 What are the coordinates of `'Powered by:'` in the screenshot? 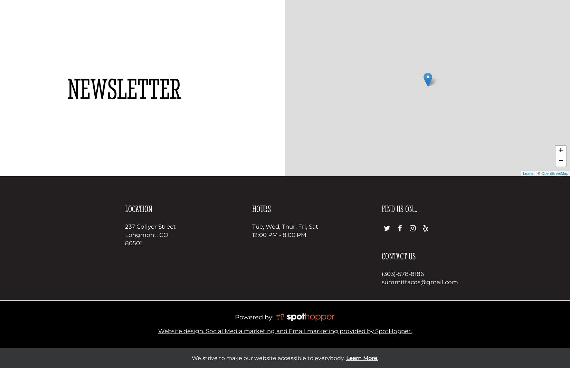 It's located at (234, 317).